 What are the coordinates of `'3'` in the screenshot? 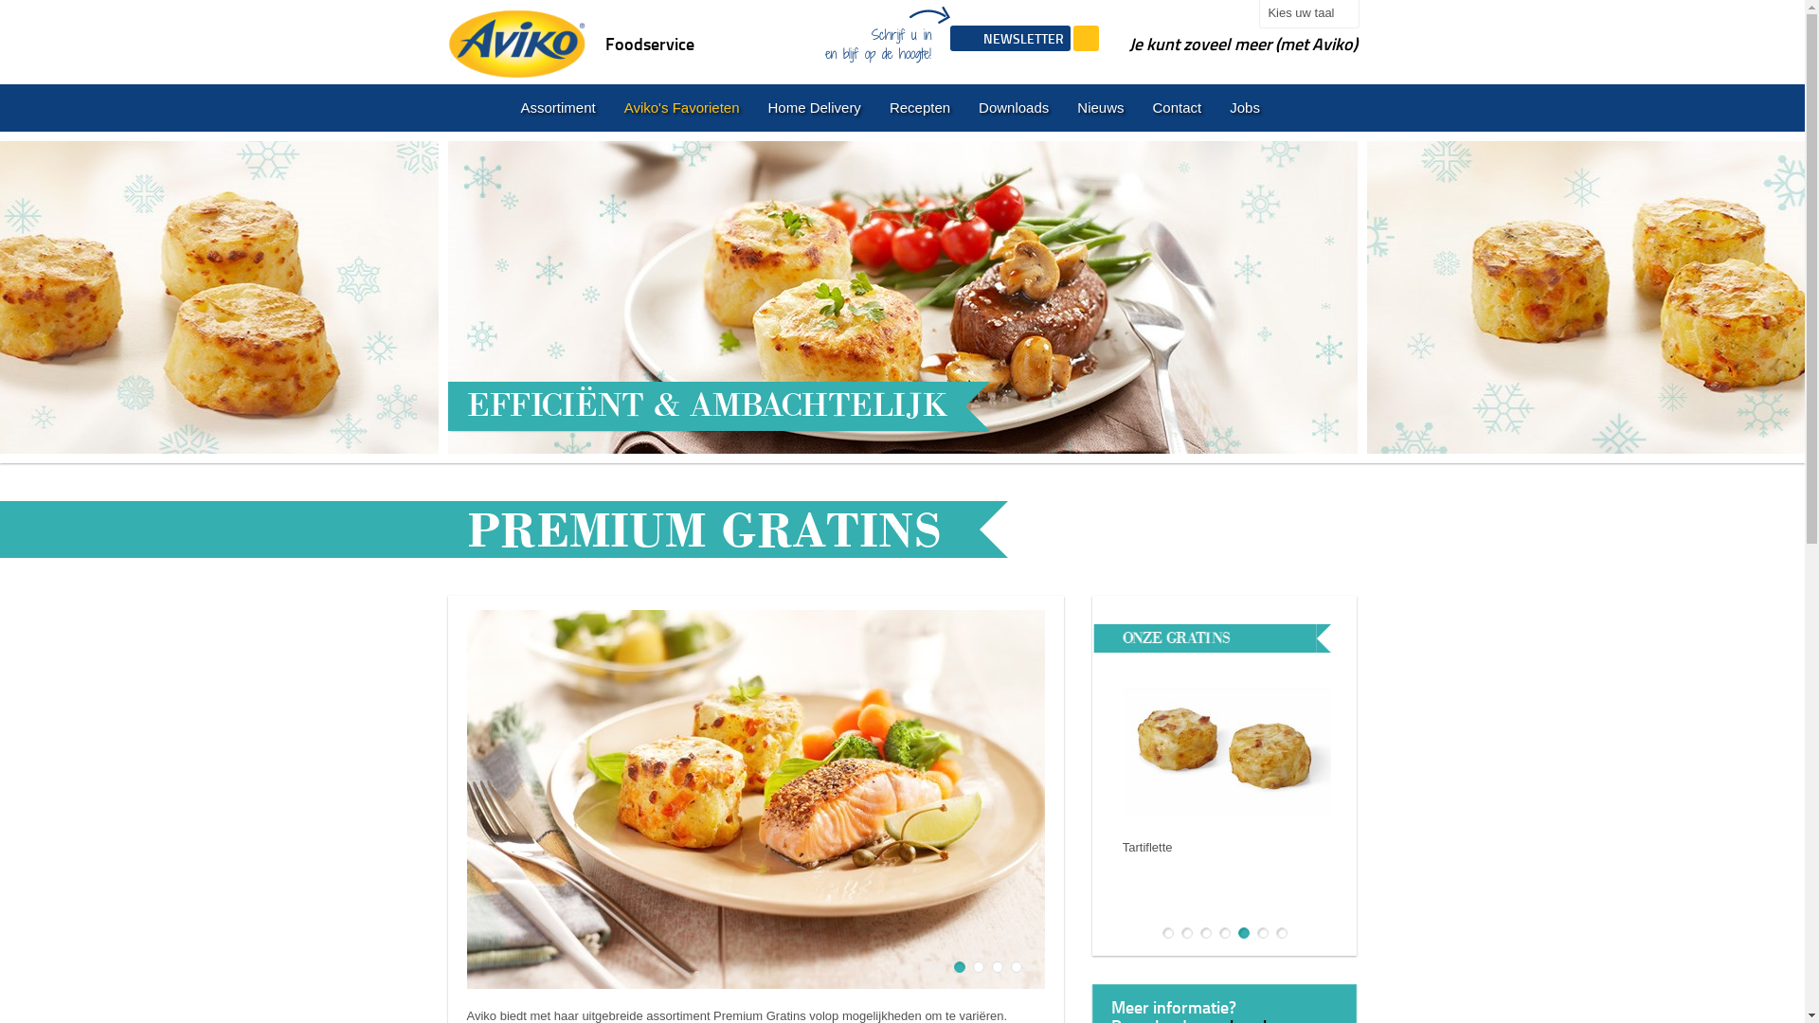 It's located at (1204, 931).